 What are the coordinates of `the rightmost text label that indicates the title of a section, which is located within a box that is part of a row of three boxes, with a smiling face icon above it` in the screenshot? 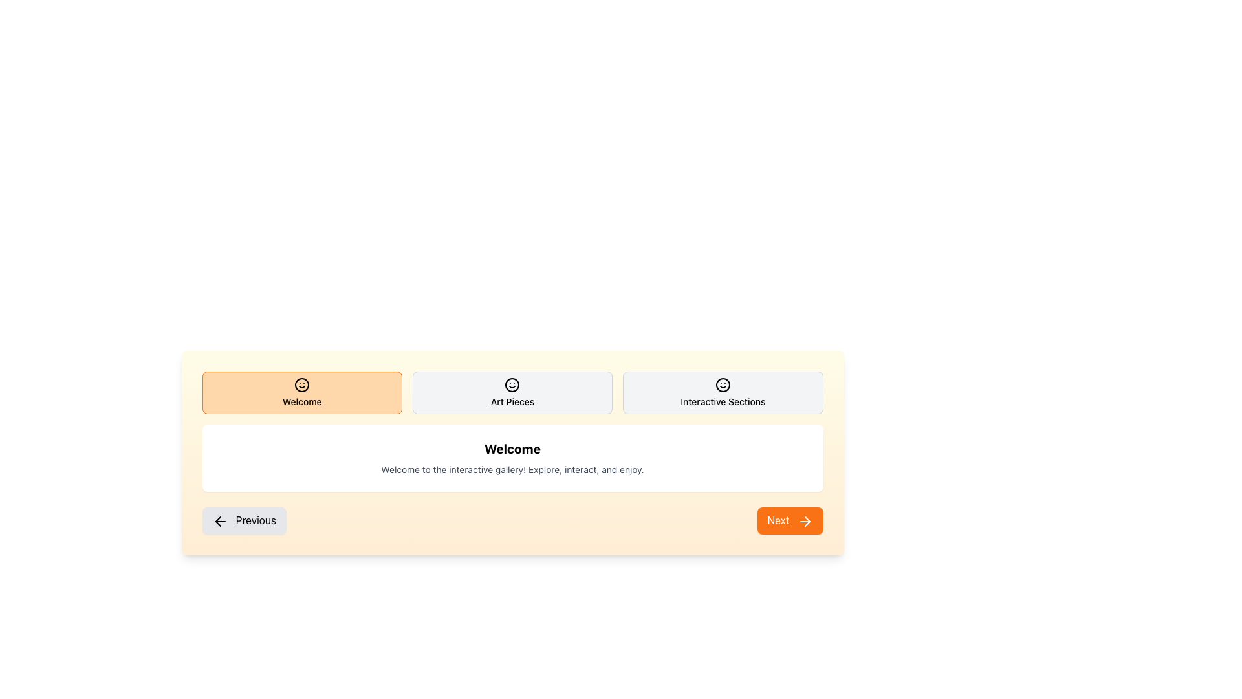 It's located at (722, 401).